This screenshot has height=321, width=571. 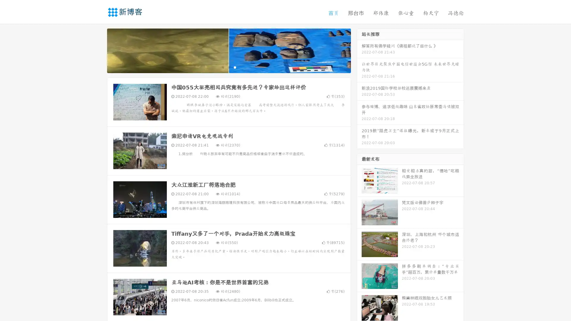 I want to click on Next slide, so click(x=359, y=50).